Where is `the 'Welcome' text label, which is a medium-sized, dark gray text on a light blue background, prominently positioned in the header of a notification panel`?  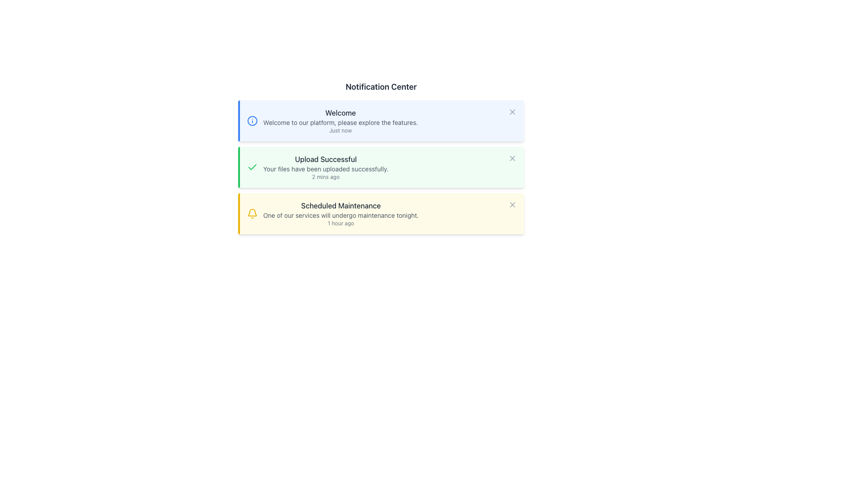
the 'Welcome' text label, which is a medium-sized, dark gray text on a light blue background, prominently positioned in the header of a notification panel is located at coordinates (340, 112).